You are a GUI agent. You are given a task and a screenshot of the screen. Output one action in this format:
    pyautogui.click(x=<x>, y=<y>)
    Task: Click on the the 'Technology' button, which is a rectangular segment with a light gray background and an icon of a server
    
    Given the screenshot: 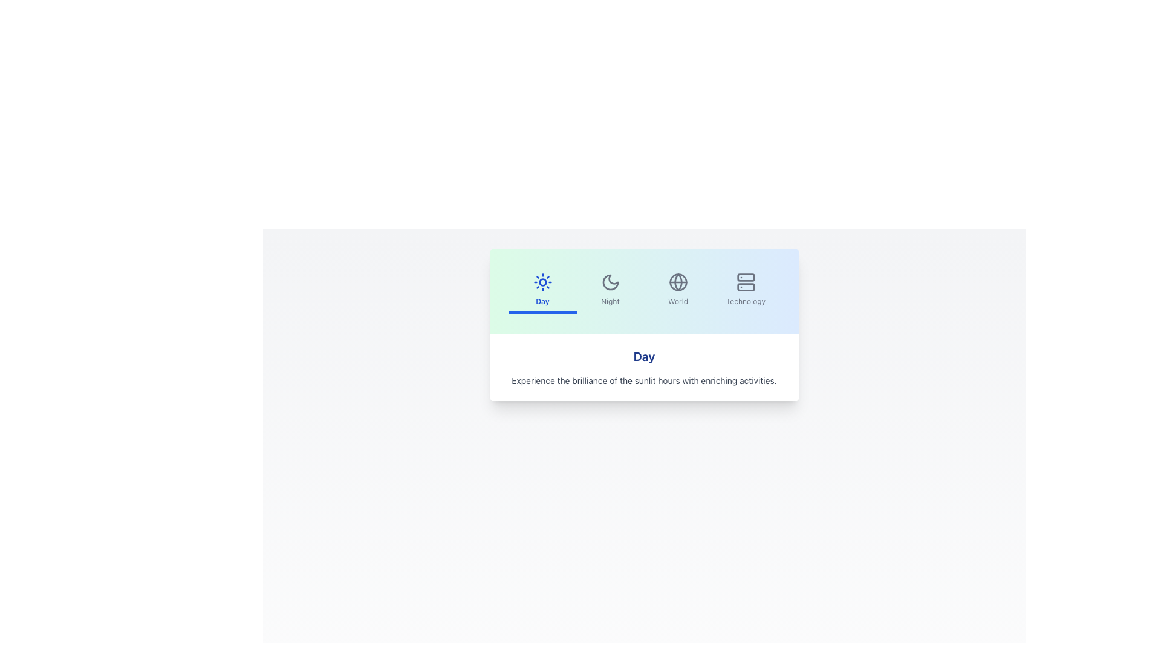 What is the action you would take?
    pyautogui.click(x=745, y=291)
    